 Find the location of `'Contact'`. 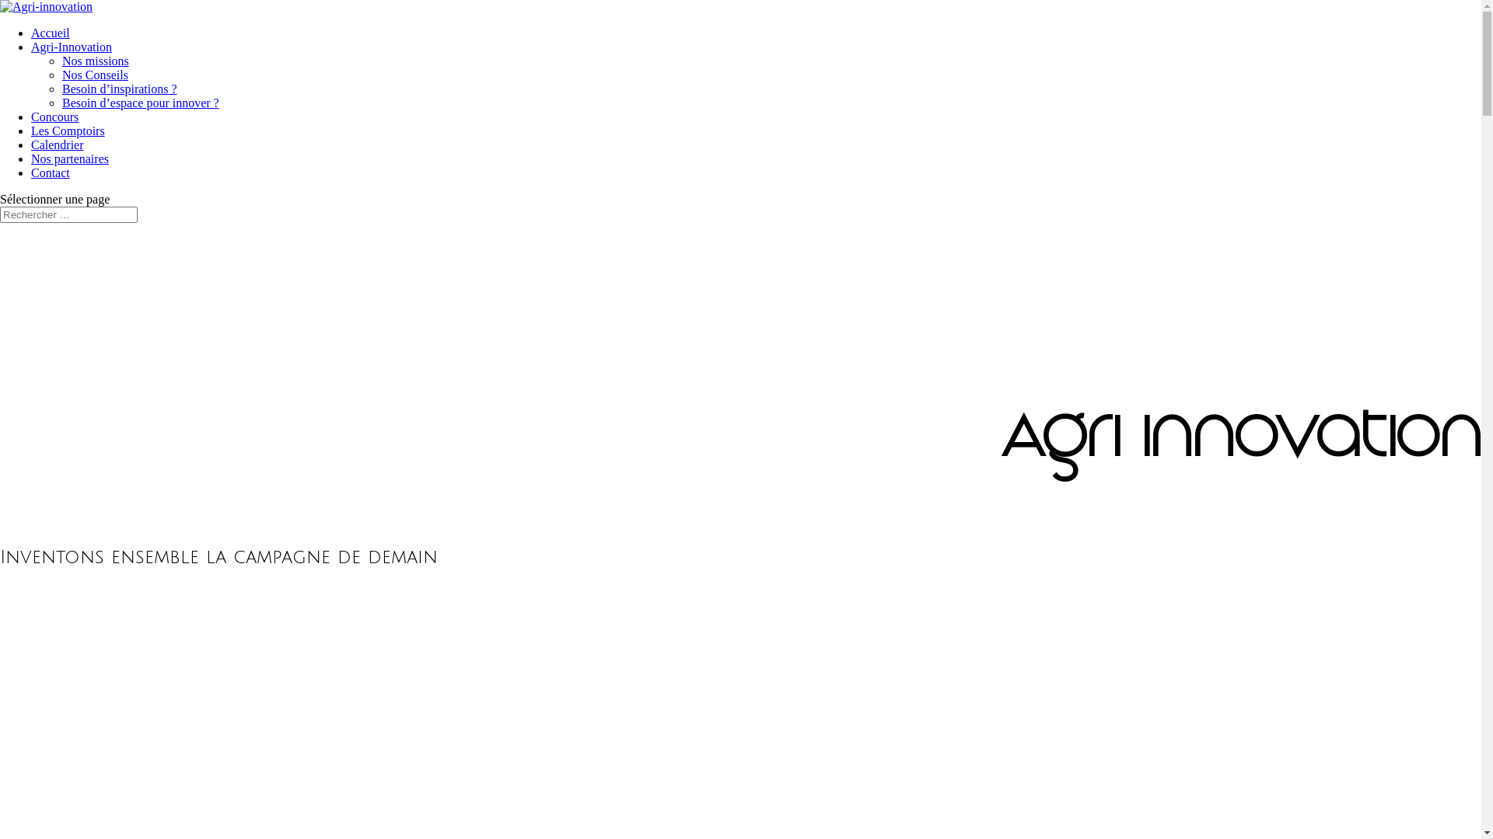

'Contact' is located at coordinates (51, 172).